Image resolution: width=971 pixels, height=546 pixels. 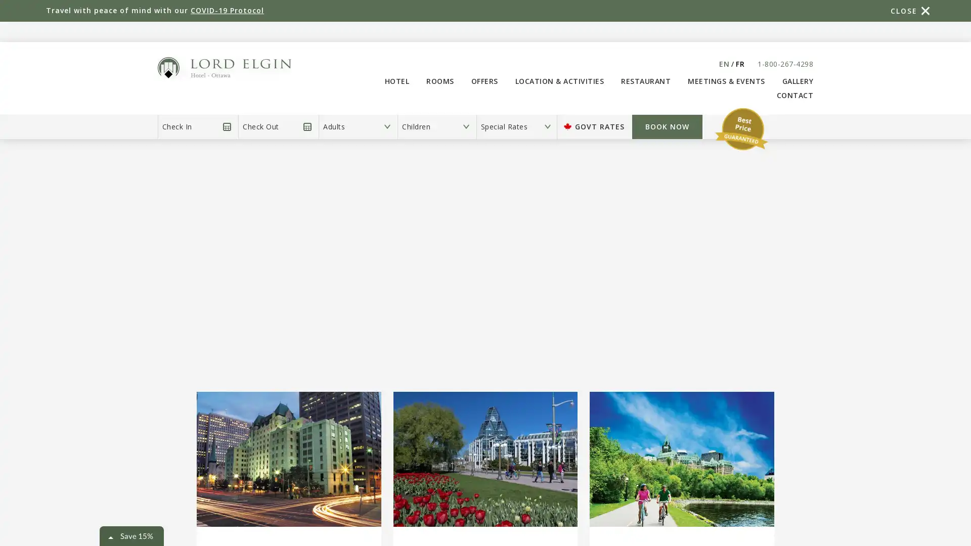 What do you see at coordinates (667, 126) in the screenshot?
I see `Book Now` at bounding box center [667, 126].